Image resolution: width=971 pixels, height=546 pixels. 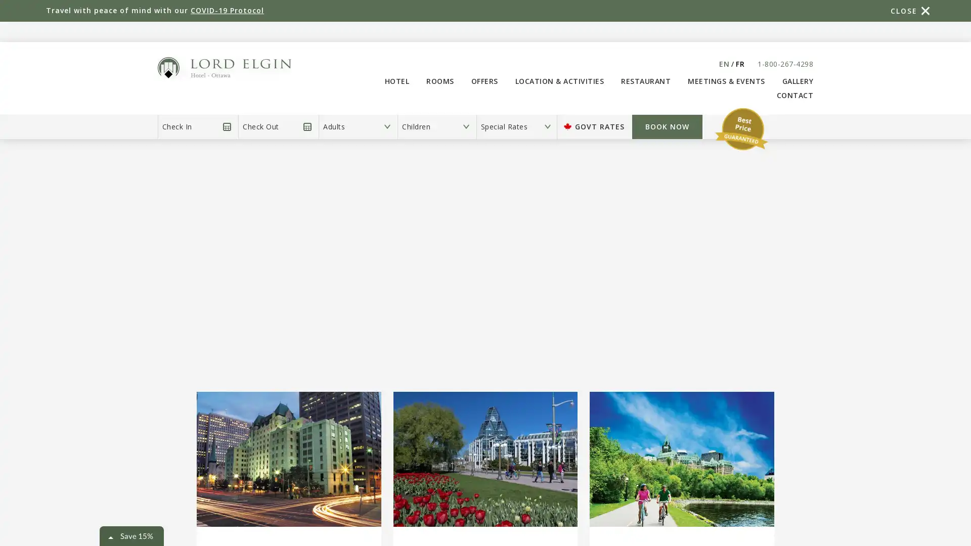 What do you see at coordinates (667, 126) in the screenshot?
I see `Book Now` at bounding box center [667, 126].